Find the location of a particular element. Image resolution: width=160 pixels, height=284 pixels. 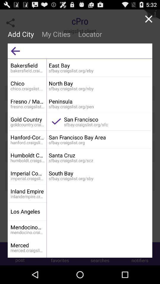

go back is located at coordinates (15, 51).